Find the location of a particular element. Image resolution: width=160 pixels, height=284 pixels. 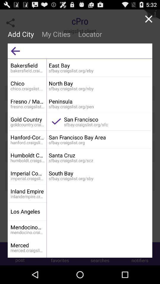

go back is located at coordinates (15, 51).